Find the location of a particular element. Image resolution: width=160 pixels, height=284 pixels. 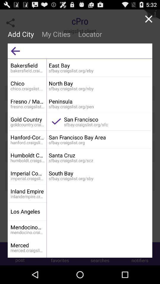

go back is located at coordinates (15, 51).